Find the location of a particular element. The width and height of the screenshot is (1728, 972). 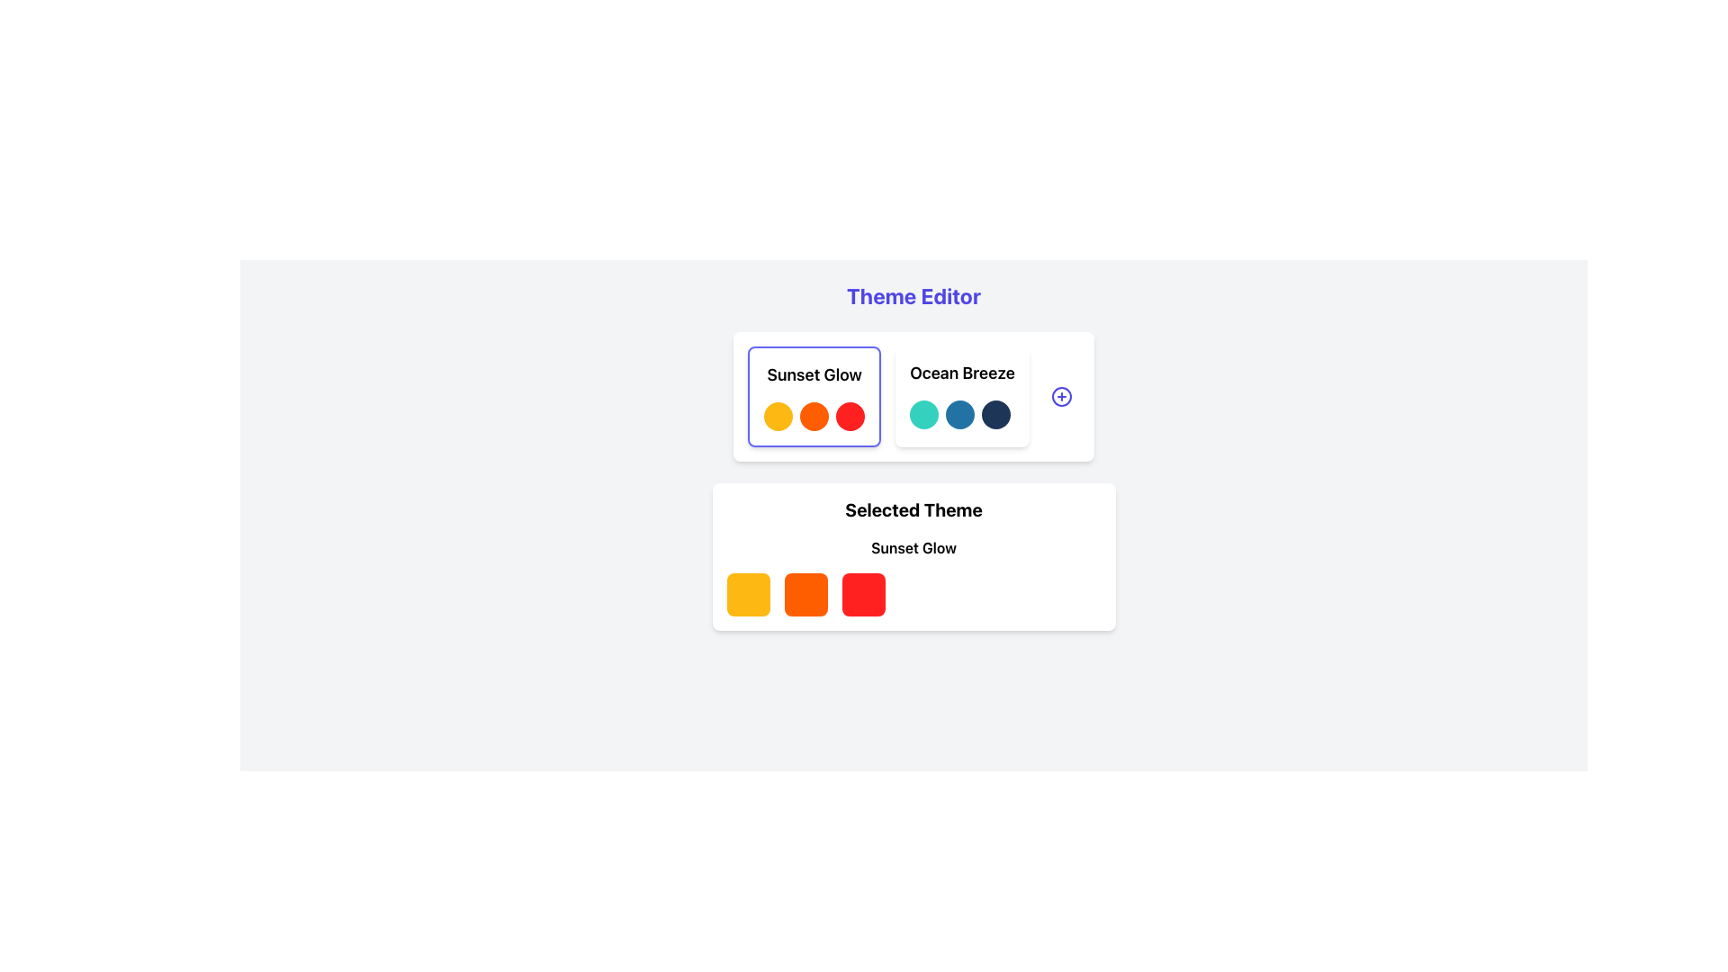

the second decorative color indicator icon in the 'Ocean Breeze' themed card is located at coordinates (961, 415).